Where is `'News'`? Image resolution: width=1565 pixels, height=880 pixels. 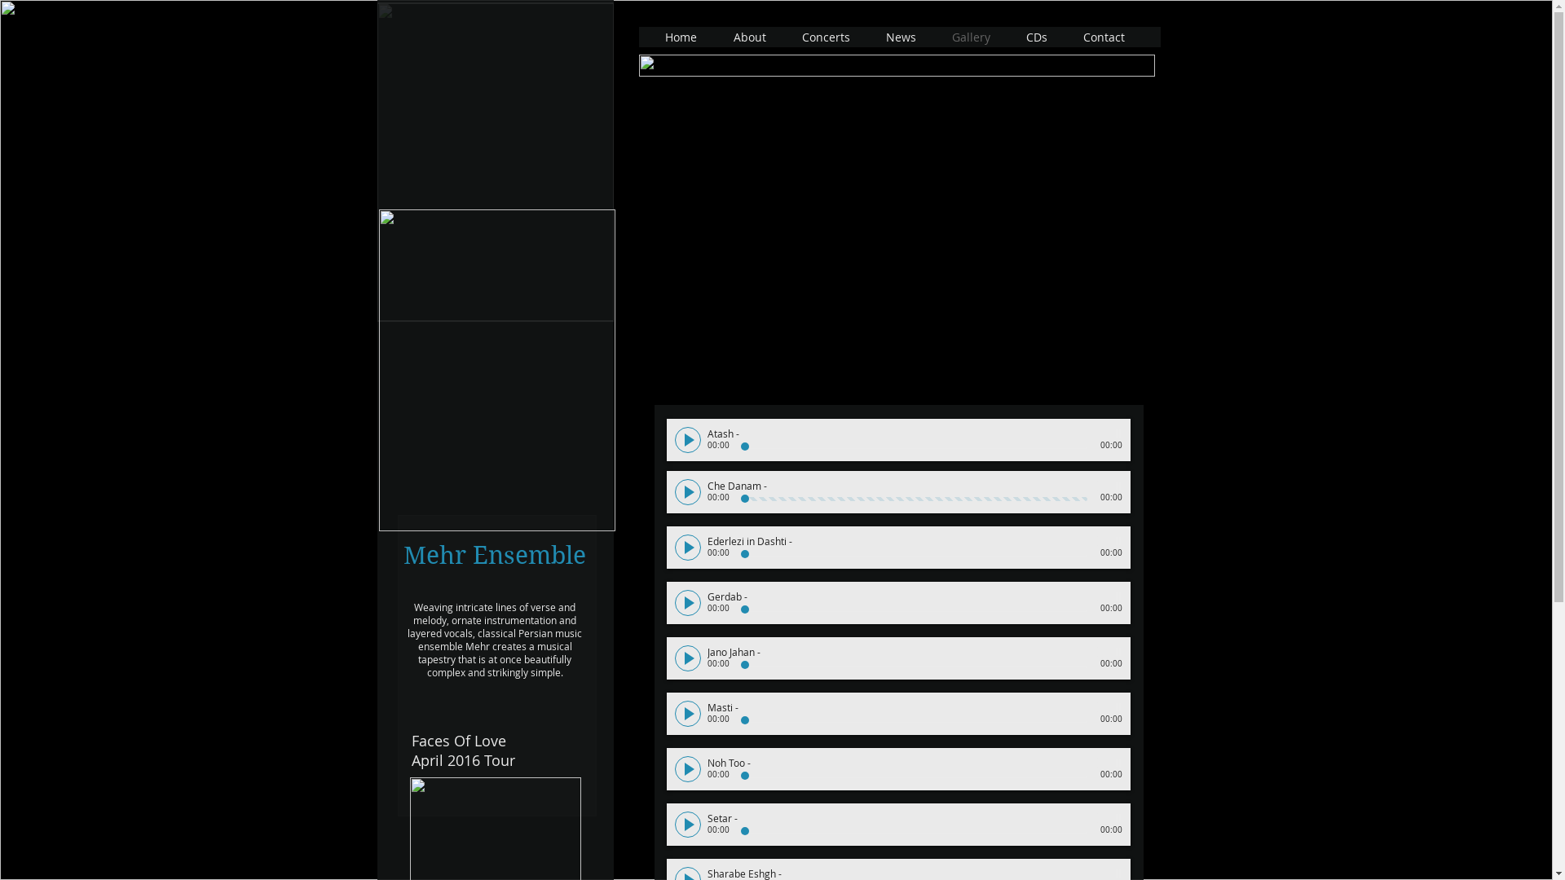
'News' is located at coordinates (901, 37).